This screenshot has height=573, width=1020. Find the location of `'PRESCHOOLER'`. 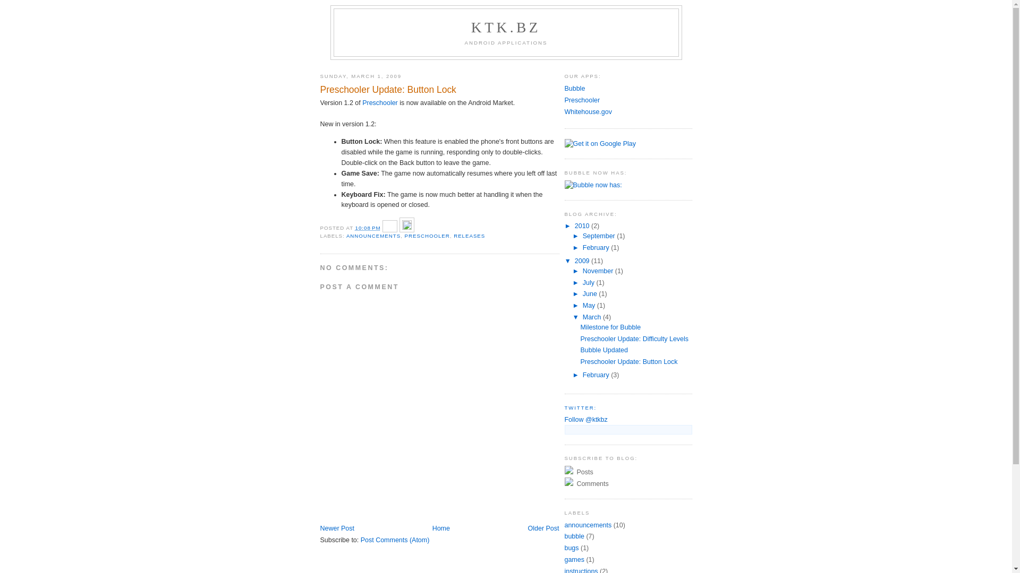

'PRESCHOOLER' is located at coordinates (427, 235).